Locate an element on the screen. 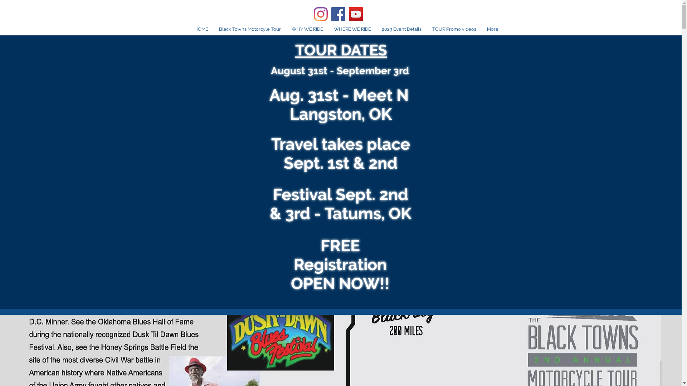  'Festival Sept. 2nd & 3rd - Tatums, OK' is located at coordinates (340, 204).